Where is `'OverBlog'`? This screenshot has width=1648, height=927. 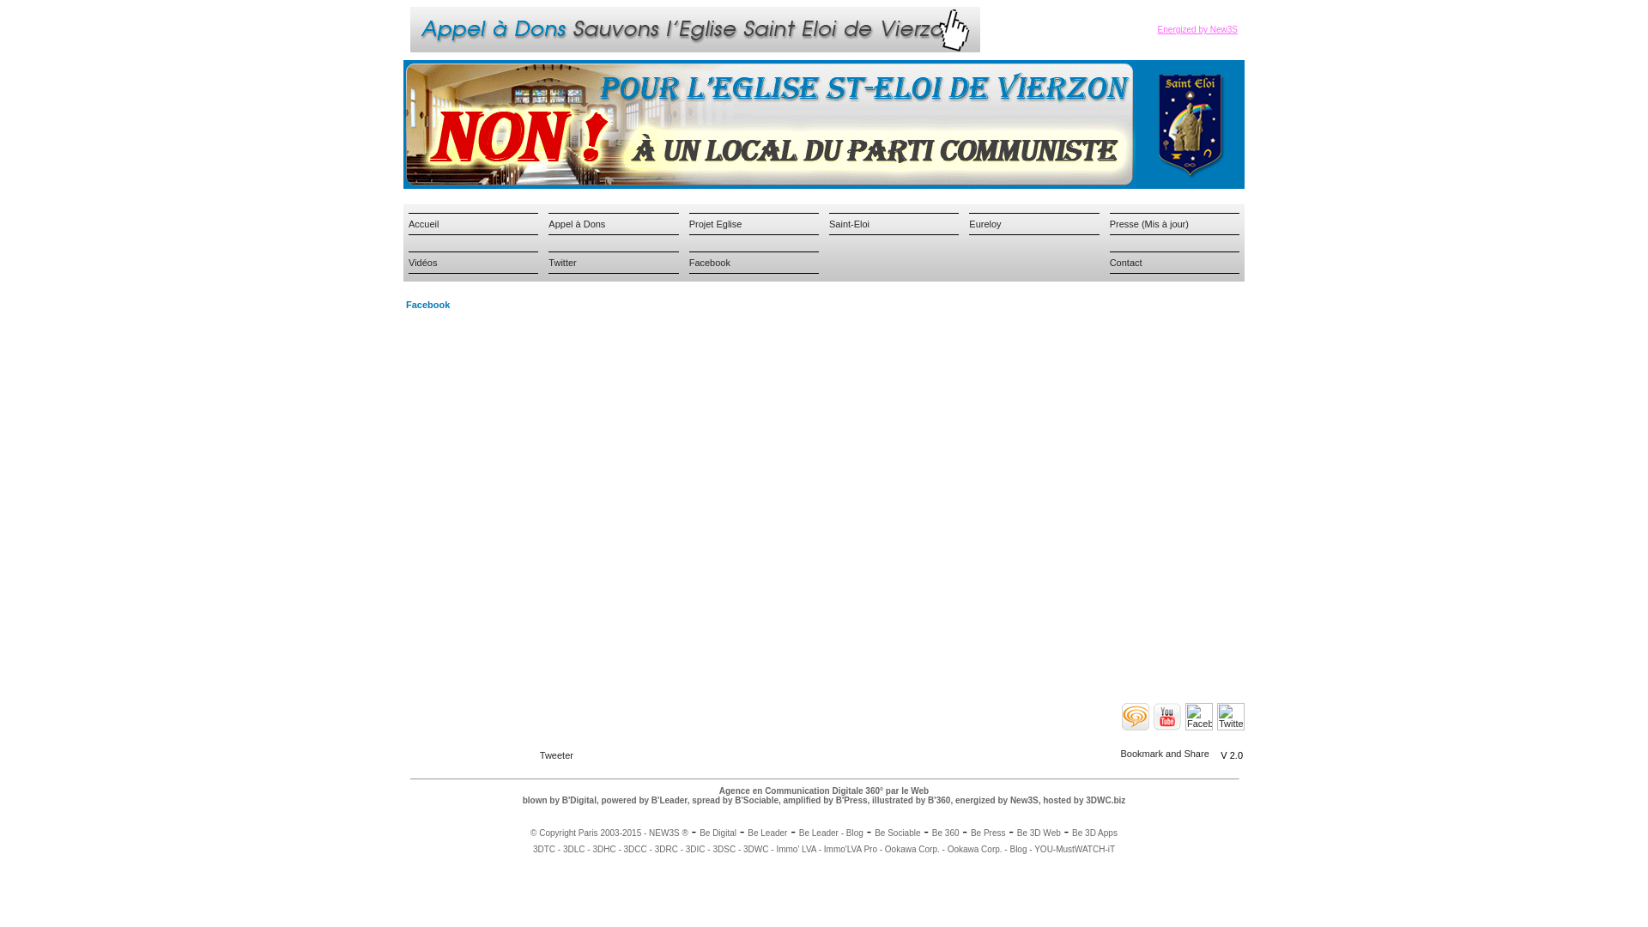 'OverBlog' is located at coordinates (1121, 716).